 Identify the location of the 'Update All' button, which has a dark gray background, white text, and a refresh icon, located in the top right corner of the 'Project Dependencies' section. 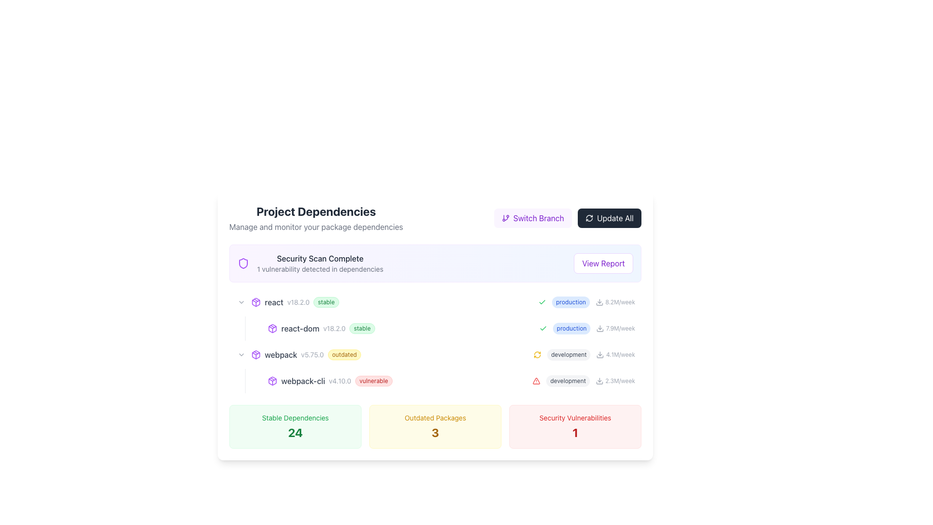
(609, 217).